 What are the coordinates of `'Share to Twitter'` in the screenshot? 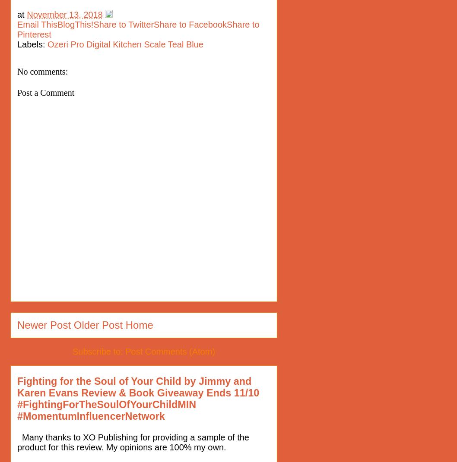 It's located at (123, 24).